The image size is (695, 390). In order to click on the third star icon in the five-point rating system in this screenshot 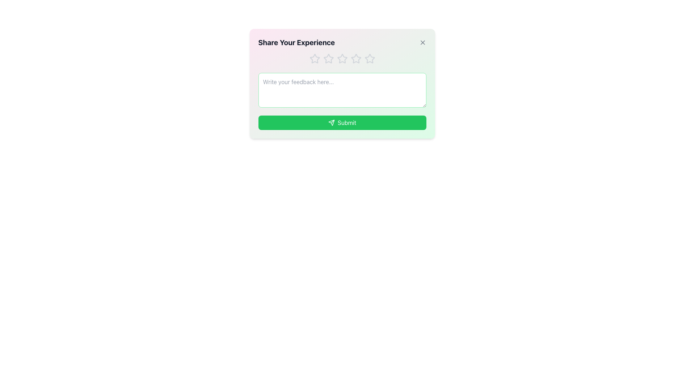, I will do `click(342, 58)`.